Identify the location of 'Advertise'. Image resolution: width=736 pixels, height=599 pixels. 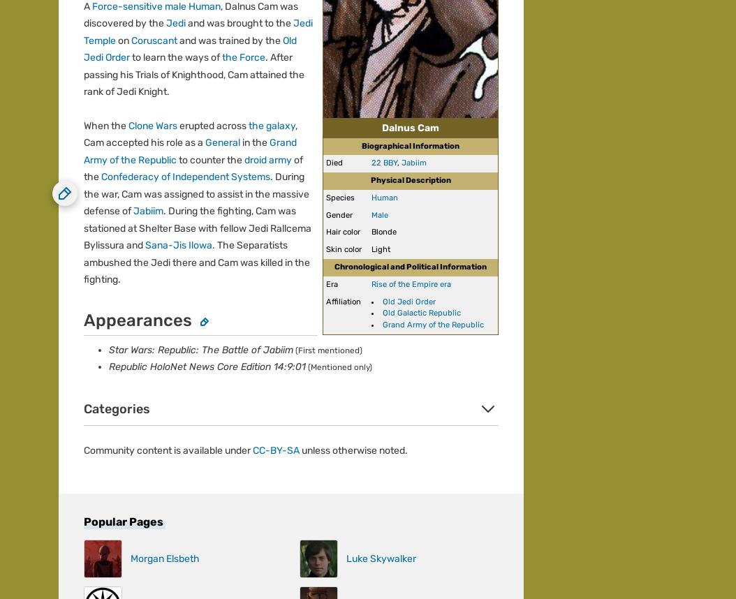
(58, 150).